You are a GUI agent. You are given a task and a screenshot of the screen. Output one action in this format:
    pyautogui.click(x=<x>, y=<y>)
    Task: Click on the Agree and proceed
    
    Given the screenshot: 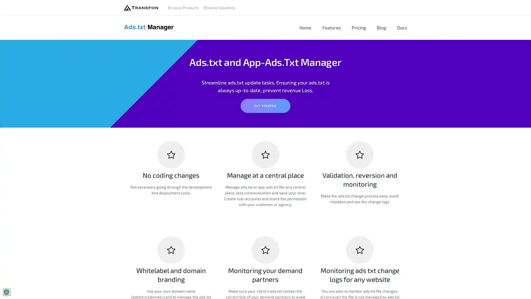 What is the action you would take?
    pyautogui.click(x=100, y=289)
    